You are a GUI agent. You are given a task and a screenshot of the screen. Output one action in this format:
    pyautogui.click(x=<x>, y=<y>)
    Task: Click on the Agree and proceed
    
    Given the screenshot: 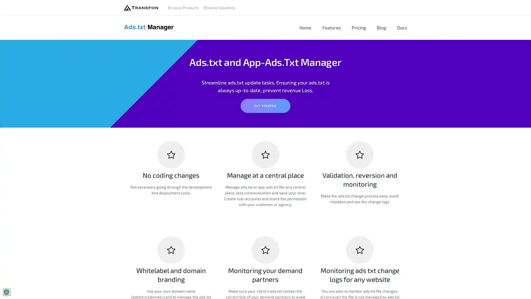 What is the action you would take?
    pyautogui.click(x=100, y=289)
    